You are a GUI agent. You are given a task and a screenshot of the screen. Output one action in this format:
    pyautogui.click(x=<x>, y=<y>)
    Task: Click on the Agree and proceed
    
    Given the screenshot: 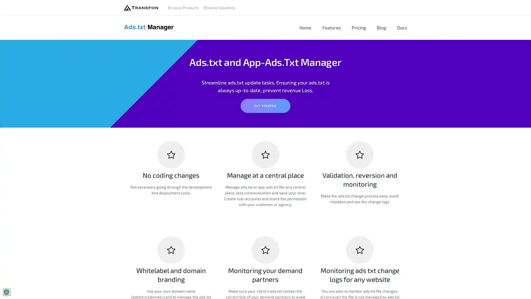 What is the action you would take?
    pyautogui.click(x=100, y=289)
    